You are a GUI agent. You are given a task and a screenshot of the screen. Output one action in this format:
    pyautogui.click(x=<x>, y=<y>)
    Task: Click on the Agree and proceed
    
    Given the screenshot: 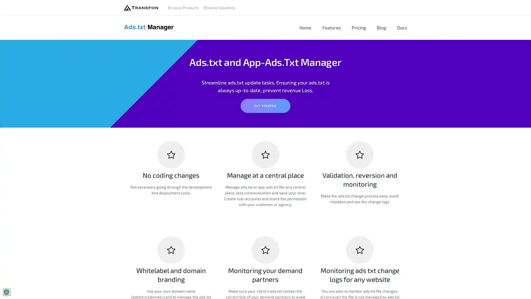 What is the action you would take?
    pyautogui.click(x=100, y=289)
    